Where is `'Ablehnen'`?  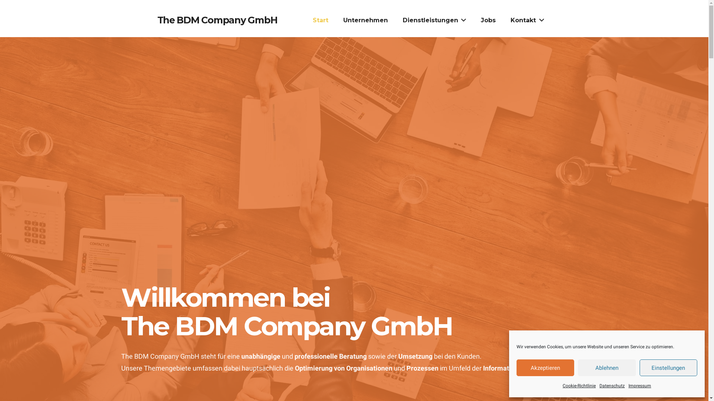
'Ablehnen' is located at coordinates (607, 368).